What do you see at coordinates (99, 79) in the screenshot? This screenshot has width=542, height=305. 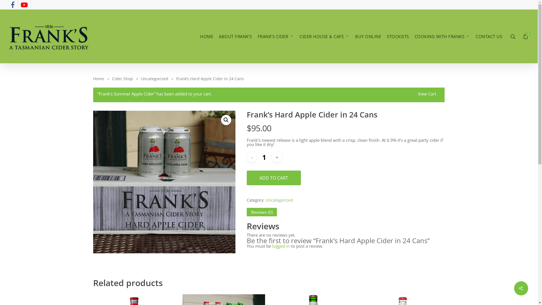 I see `'Home'` at bounding box center [99, 79].